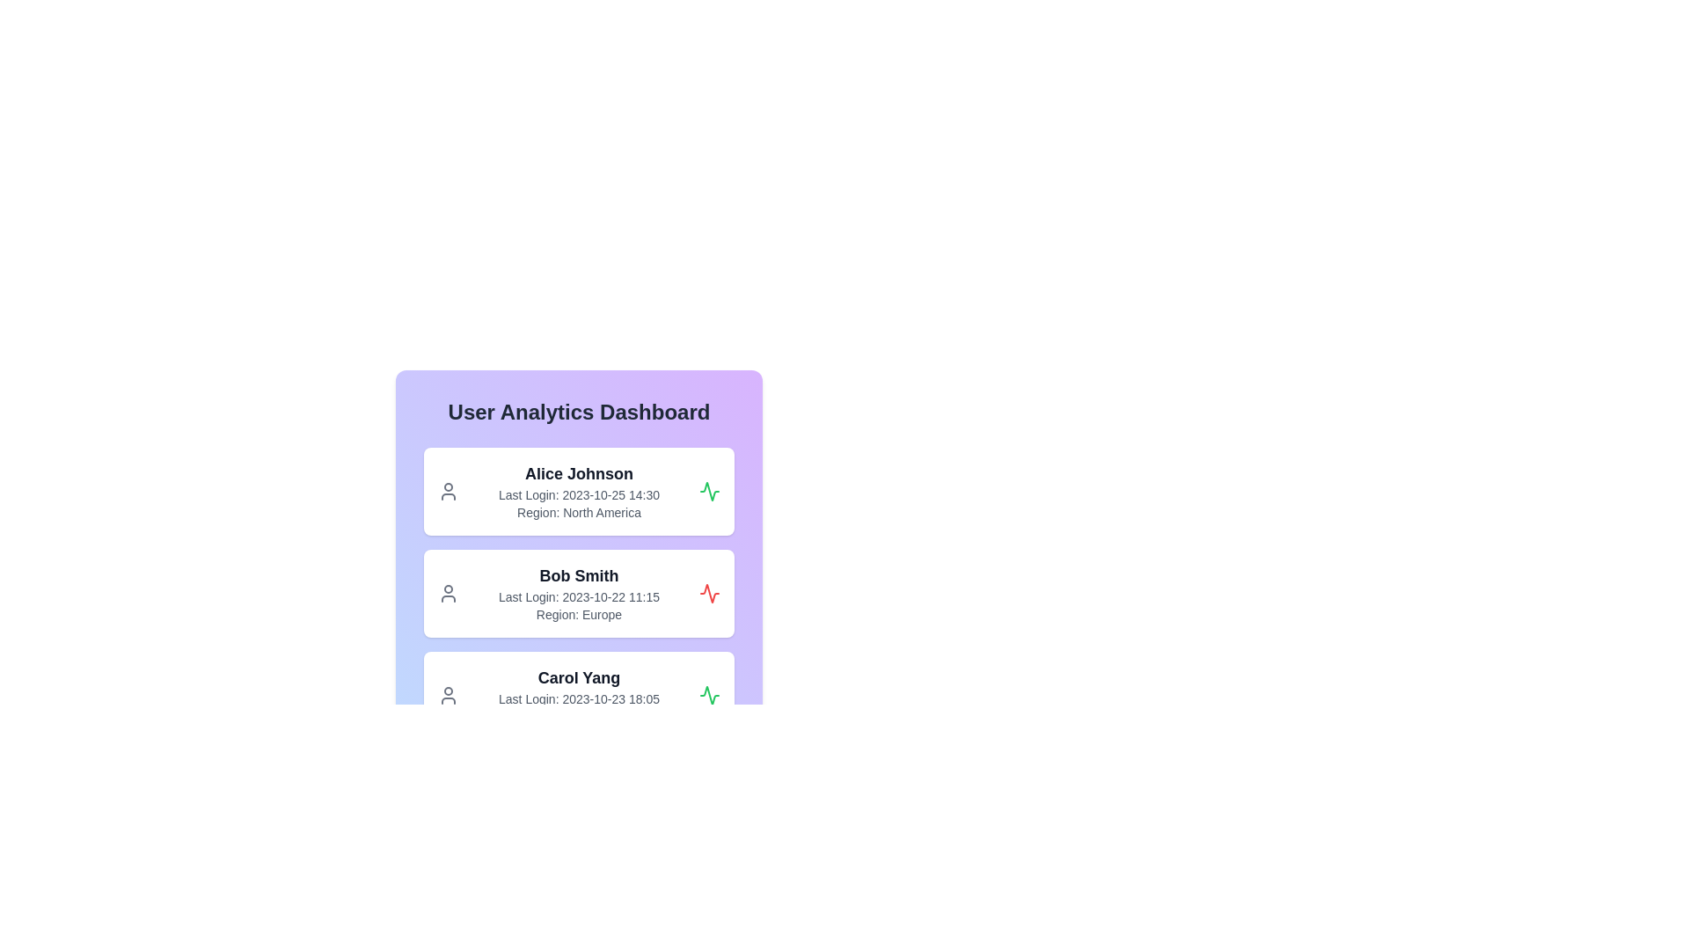 The width and height of the screenshot is (1689, 950). What do you see at coordinates (579, 495) in the screenshot?
I see `the text label displaying 'Last Login: 2023-10-25 14:30' within the user information card in the User Analytics Dashboard` at bounding box center [579, 495].